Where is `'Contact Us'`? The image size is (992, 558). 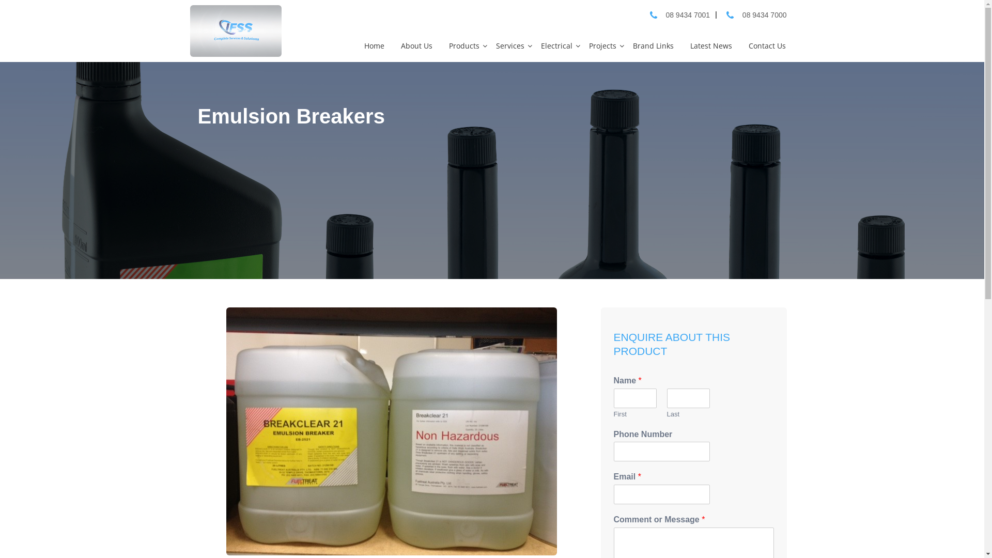 'Contact Us' is located at coordinates (768, 45).